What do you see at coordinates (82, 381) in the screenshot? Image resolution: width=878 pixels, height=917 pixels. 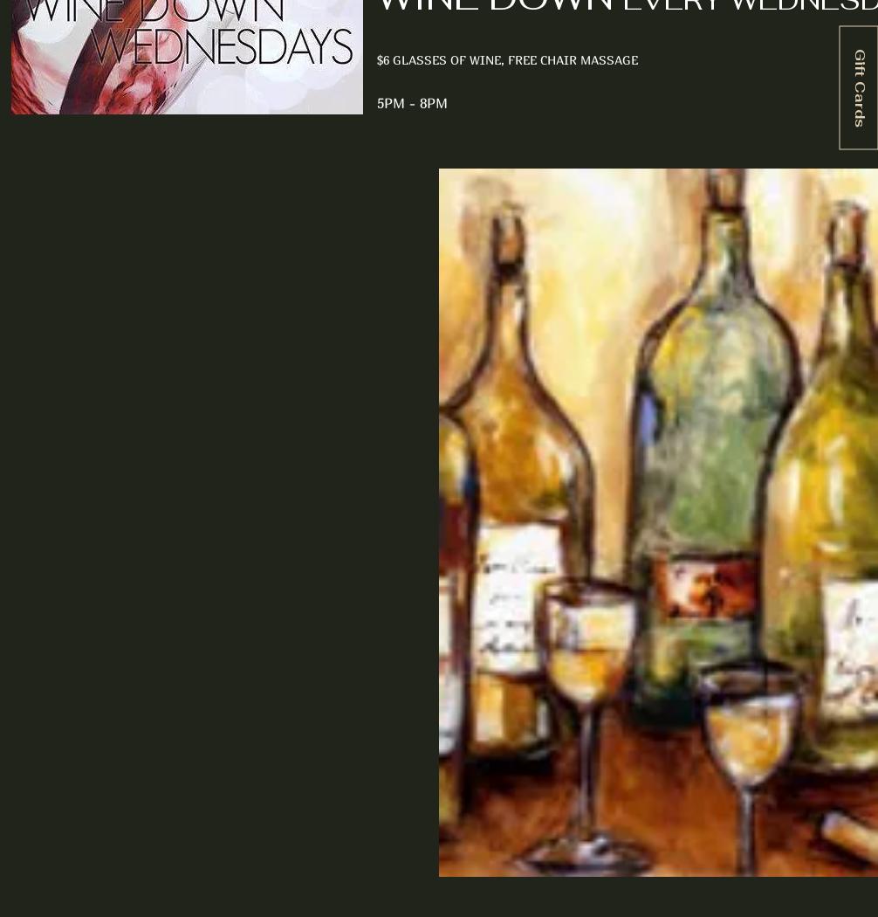 I see `'1 - 4 PM'` at bounding box center [82, 381].